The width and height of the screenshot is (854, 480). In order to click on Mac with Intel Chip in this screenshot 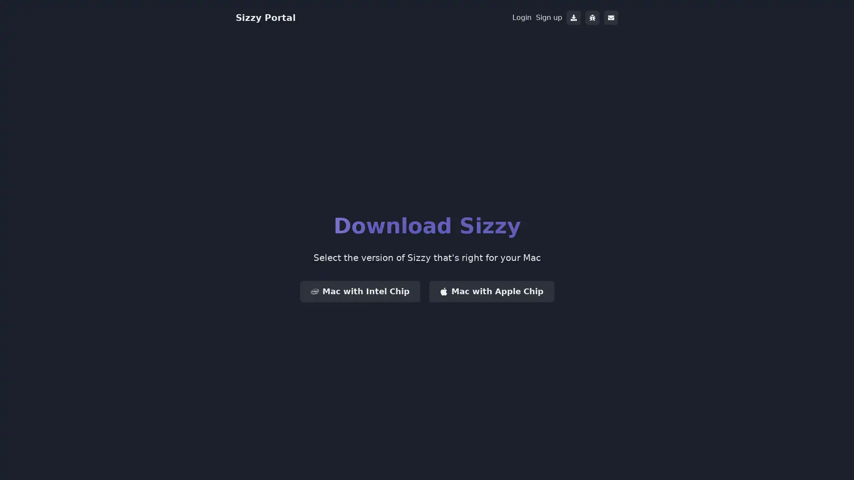, I will do `click(360, 291)`.